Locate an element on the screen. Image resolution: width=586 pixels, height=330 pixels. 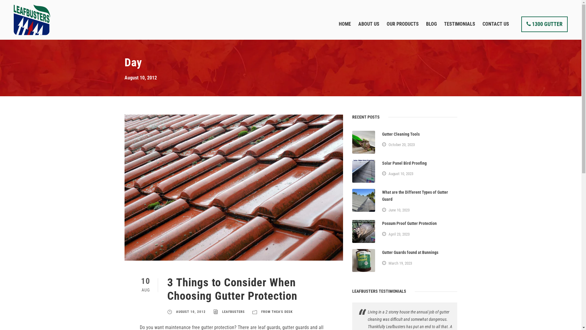
'Gutter Cleaning Tools scoop' is located at coordinates (364, 142).